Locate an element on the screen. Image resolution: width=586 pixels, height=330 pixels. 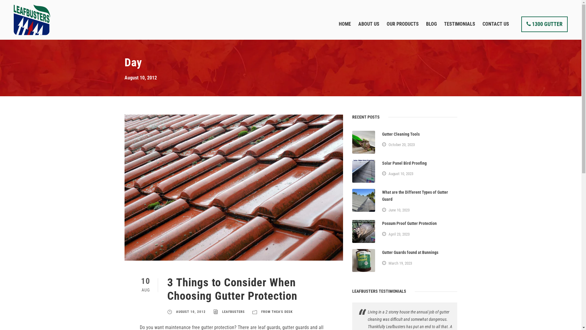
'Gutter Cleaning Tools scoop' is located at coordinates (364, 142).